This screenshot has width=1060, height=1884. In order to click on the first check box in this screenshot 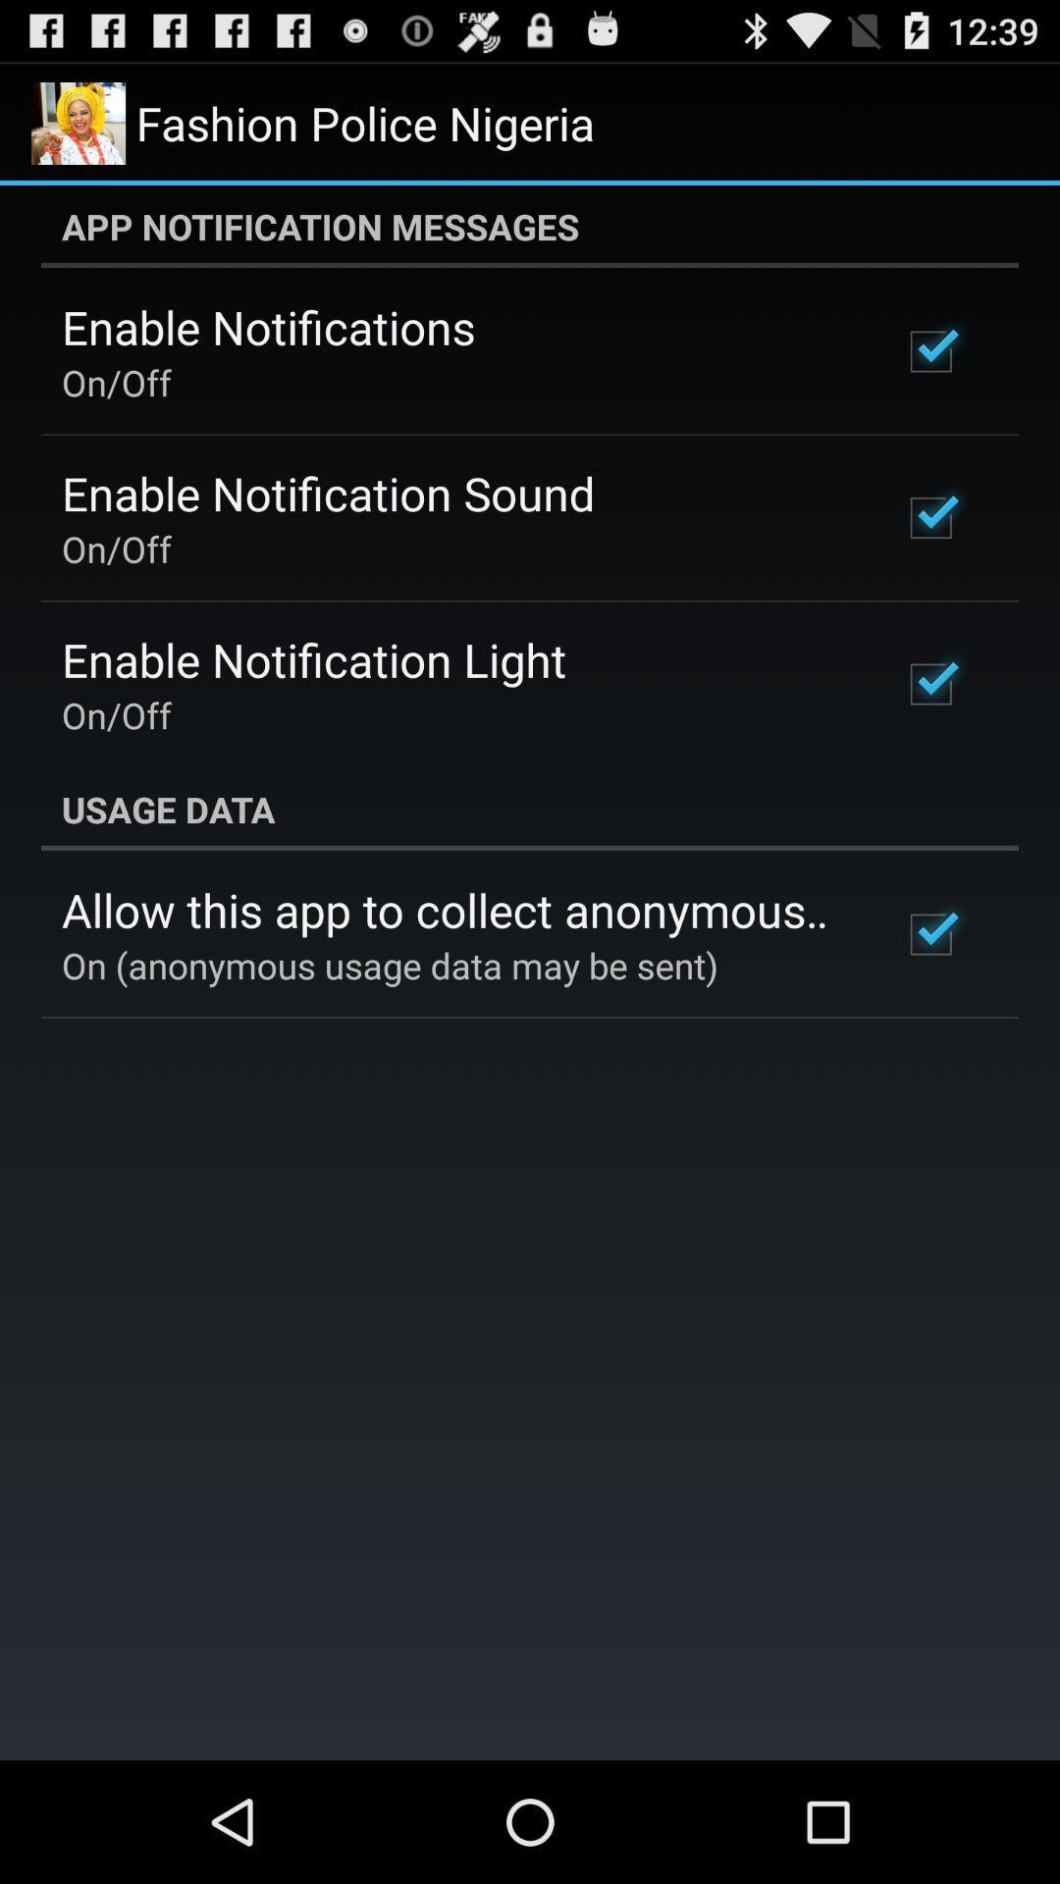, I will do `click(929, 352)`.